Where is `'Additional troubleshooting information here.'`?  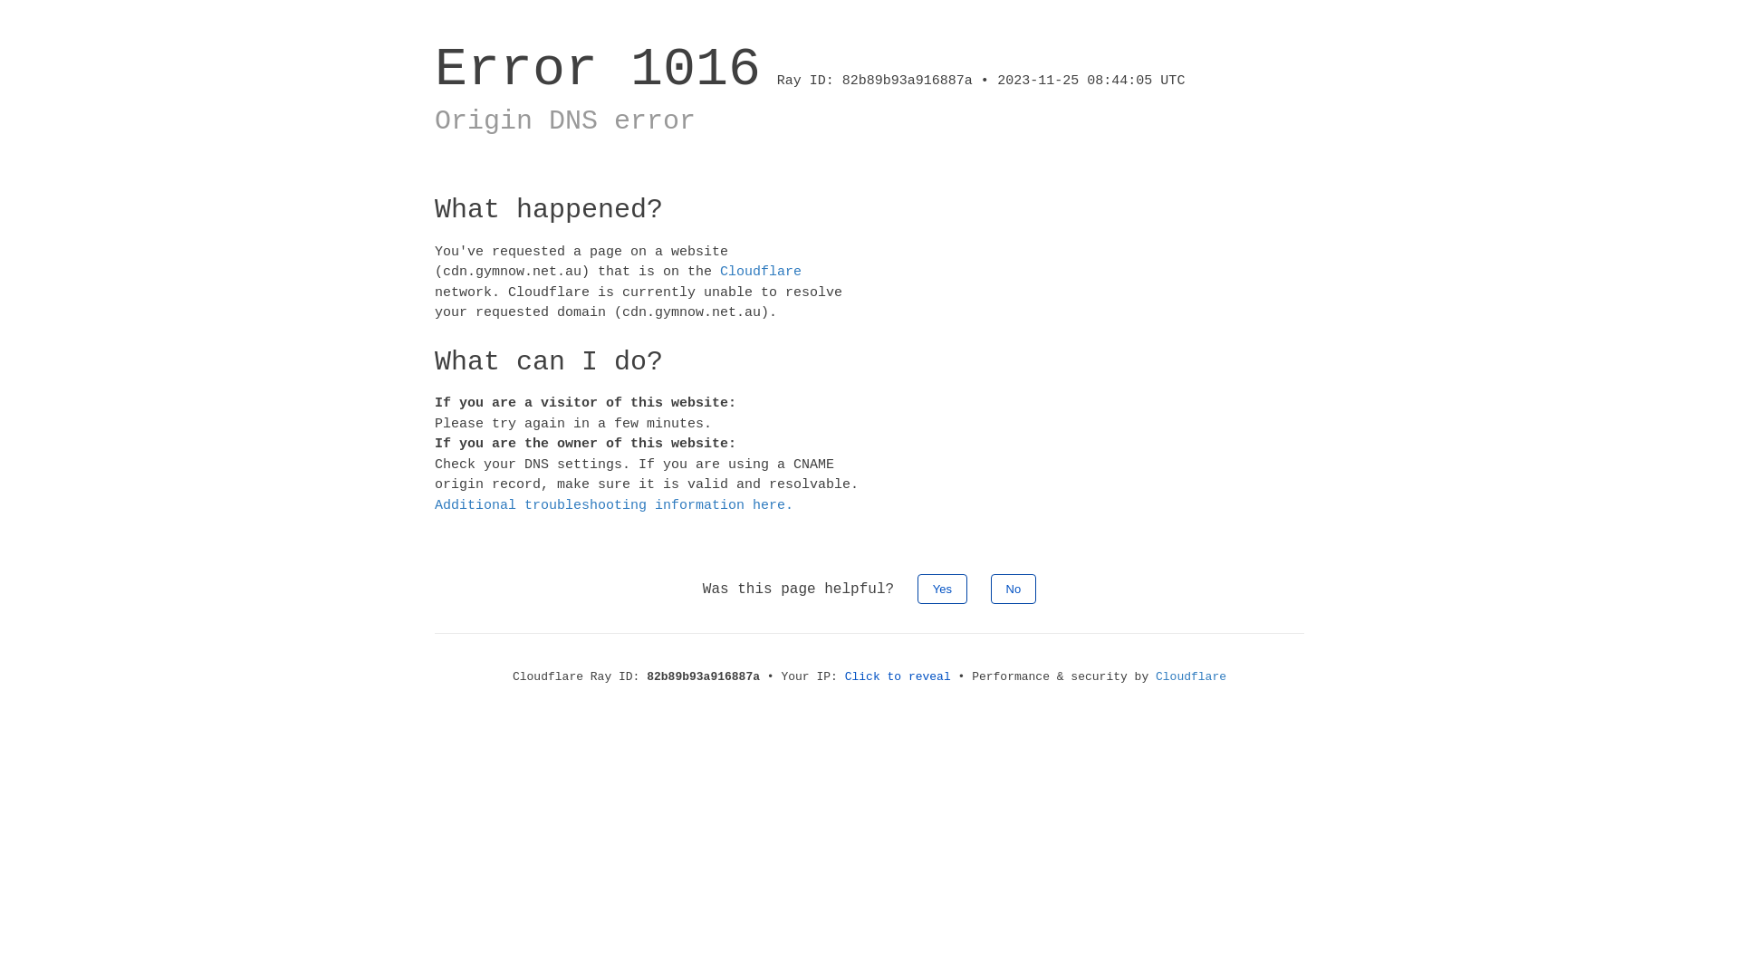
'Additional troubleshooting information here.' is located at coordinates (613, 505).